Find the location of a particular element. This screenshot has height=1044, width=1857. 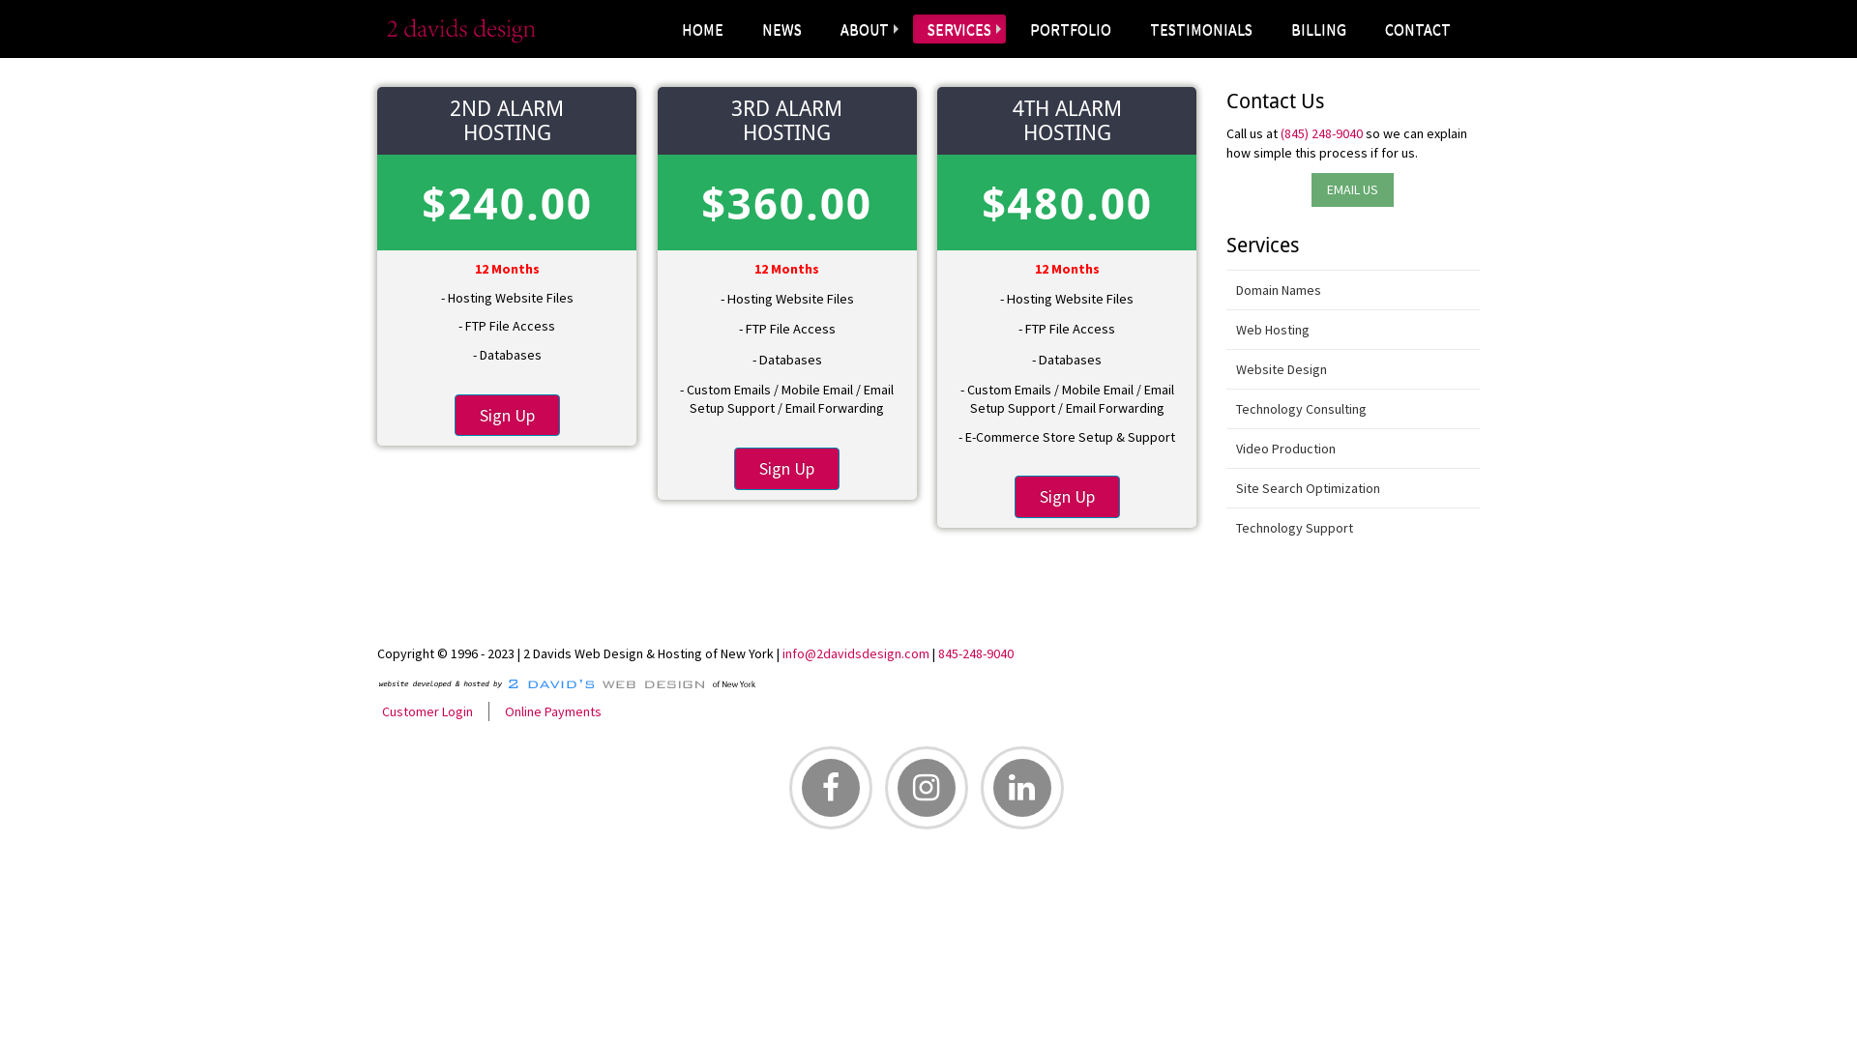

'Technology Support' is located at coordinates (1352, 528).